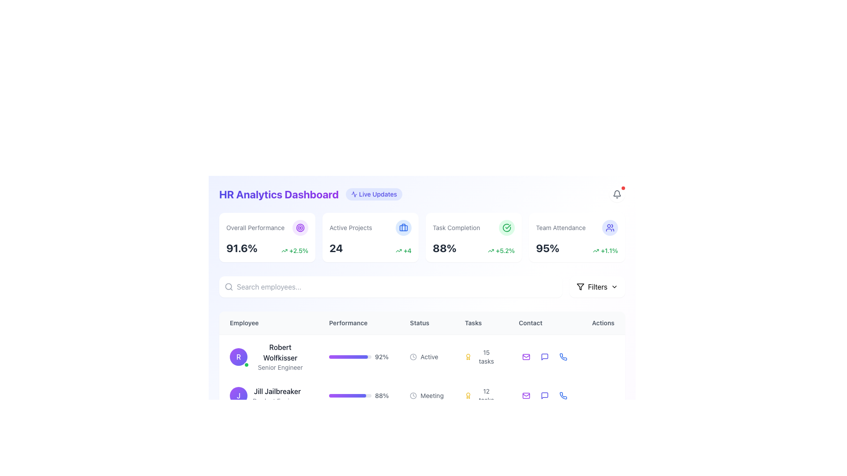 This screenshot has width=847, height=476. Describe the element at coordinates (359, 323) in the screenshot. I see `the 'Performance' column header in the table` at that location.